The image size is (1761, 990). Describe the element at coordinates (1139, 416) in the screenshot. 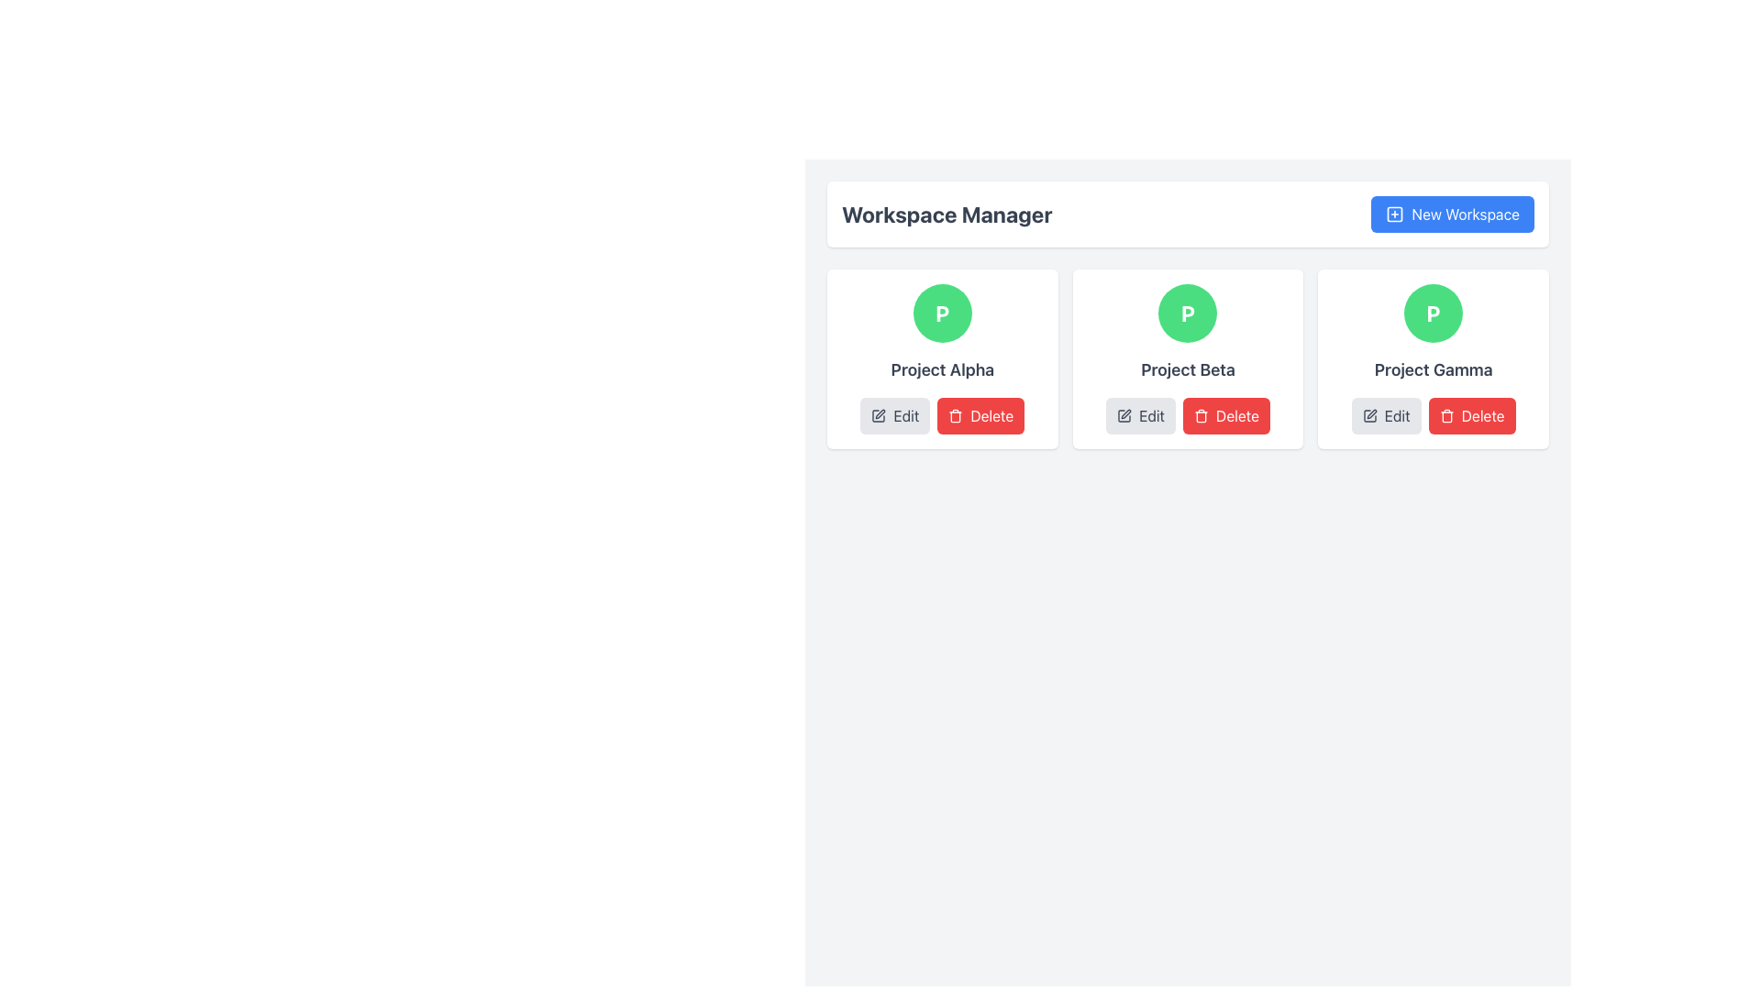

I see `the 'Edit' button, which has a rounded rectangular shape, a light gray background, dark gray text, and an icon resembling a pen next to the text 'Edit', located below the title 'Project Beta' in the second card of the grid layout` at that location.